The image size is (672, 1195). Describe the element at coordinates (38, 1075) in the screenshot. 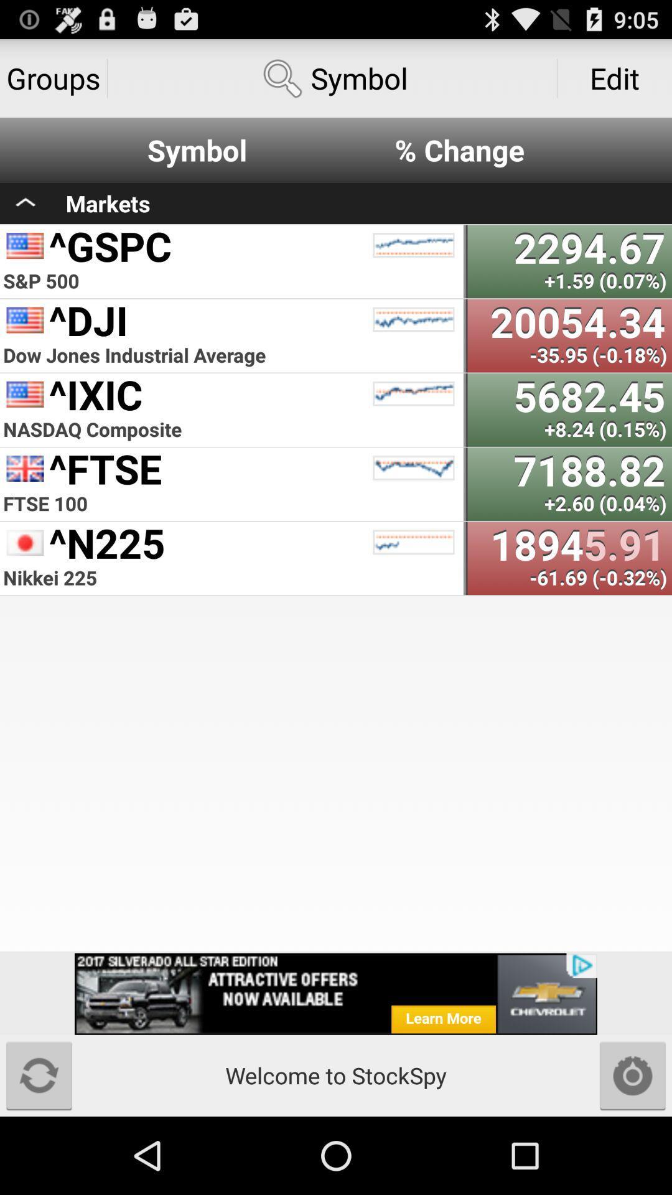

I see `reload page` at that location.